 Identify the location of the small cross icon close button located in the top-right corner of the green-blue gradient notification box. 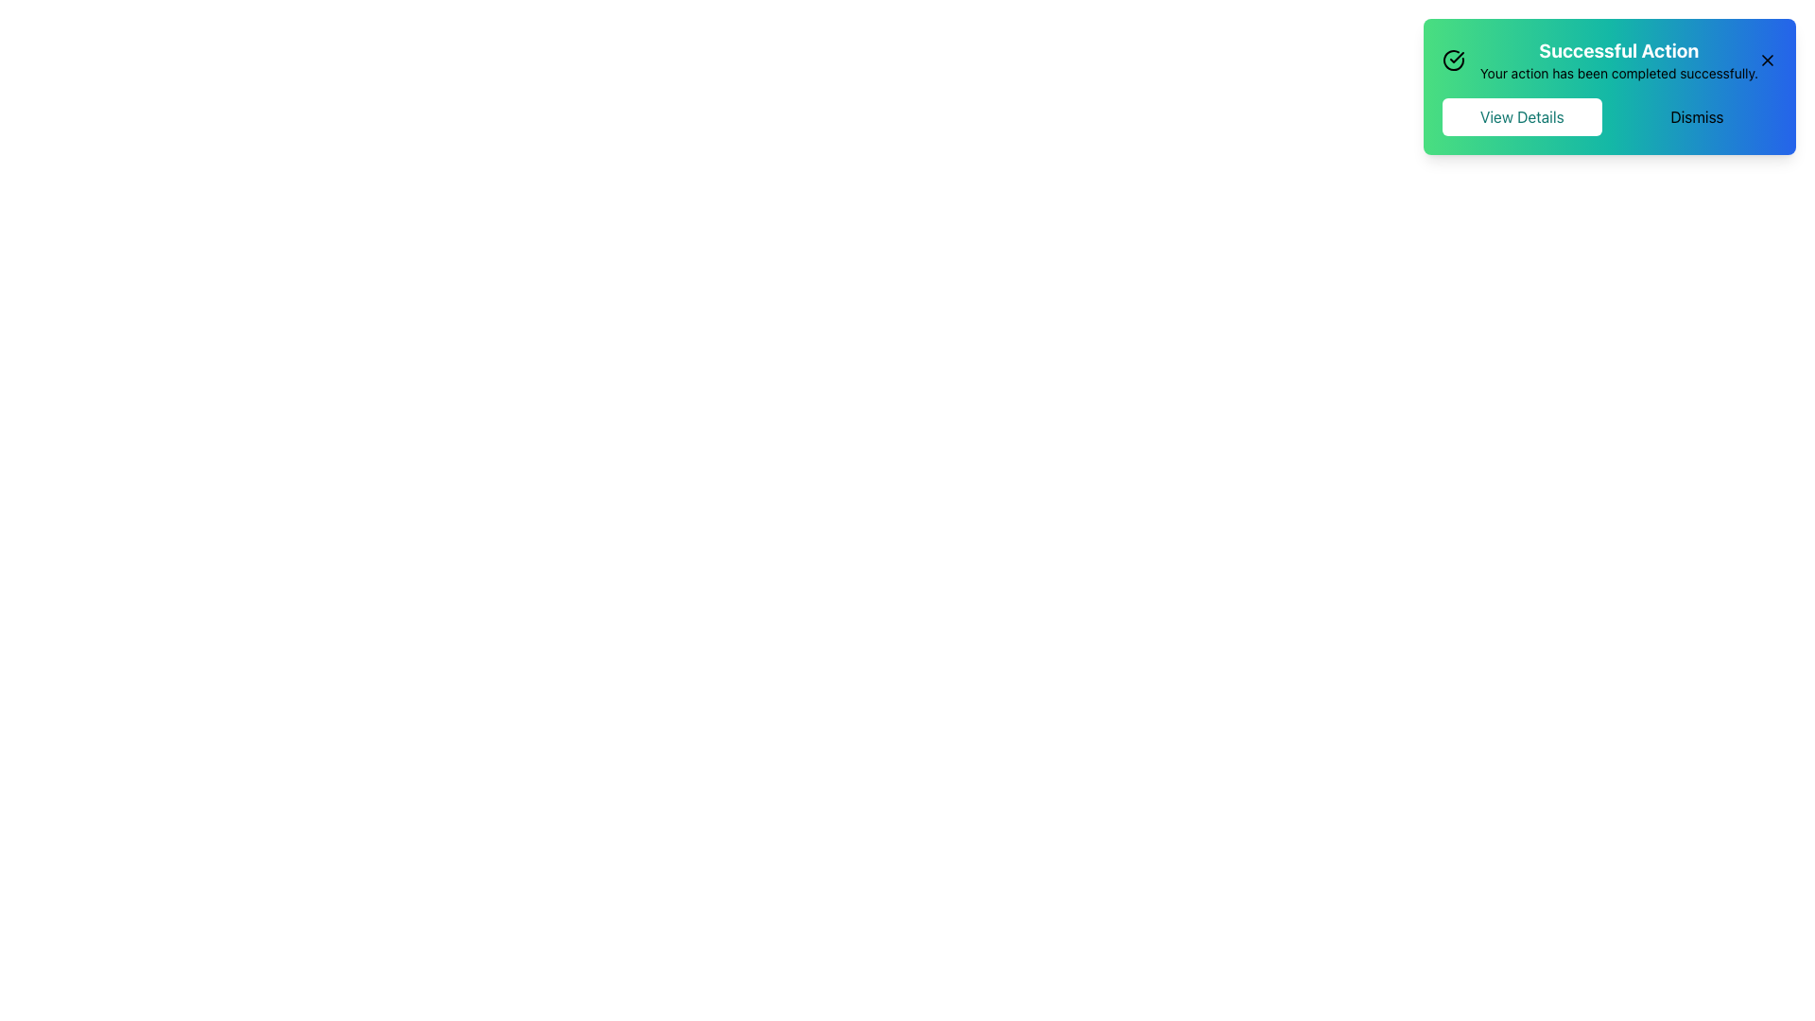
(1767, 60).